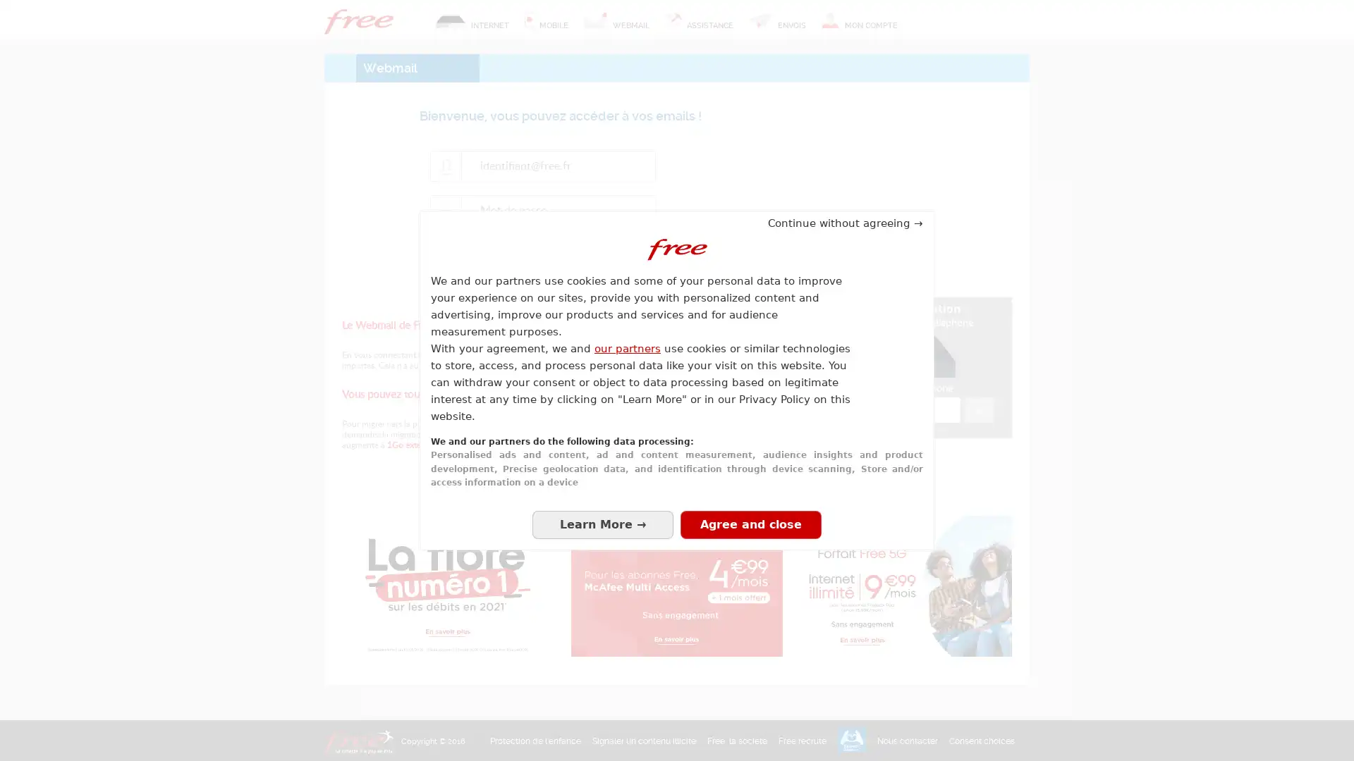  Describe the element at coordinates (846, 222) in the screenshot. I see `Continue without agreeing` at that location.